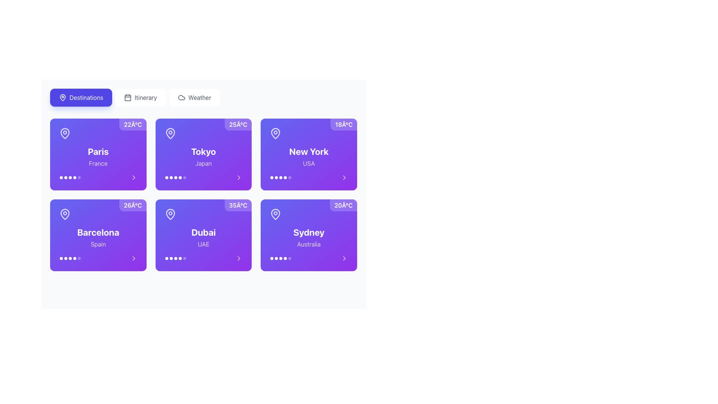 This screenshot has height=404, width=718. I want to click on the location pin indicator for Tokyo, Japan, which is visually marking the geographic location and is positioned directly below a temperature badge displaying '25°C.', so click(170, 133).